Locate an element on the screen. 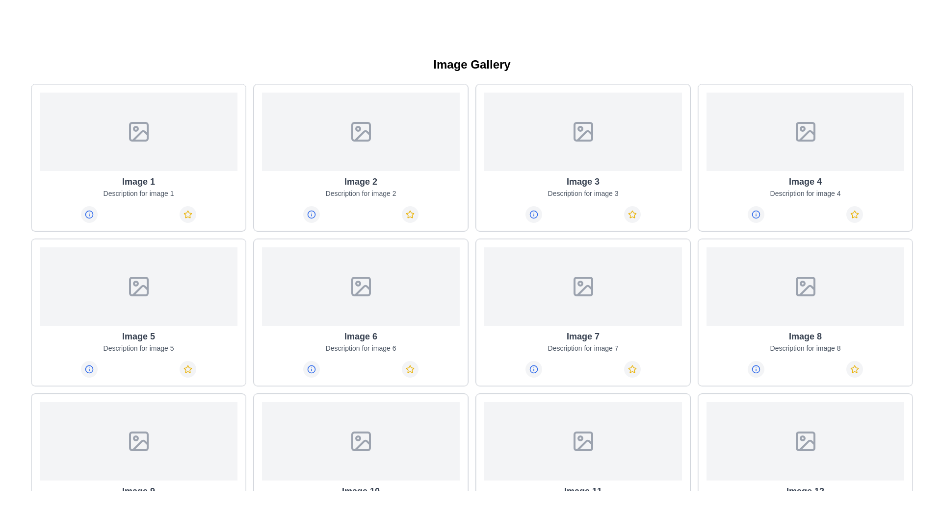 The width and height of the screenshot is (942, 529). the 'info' button located in the bottom-left corner of the first image card ('Image 1') is located at coordinates (89, 214).